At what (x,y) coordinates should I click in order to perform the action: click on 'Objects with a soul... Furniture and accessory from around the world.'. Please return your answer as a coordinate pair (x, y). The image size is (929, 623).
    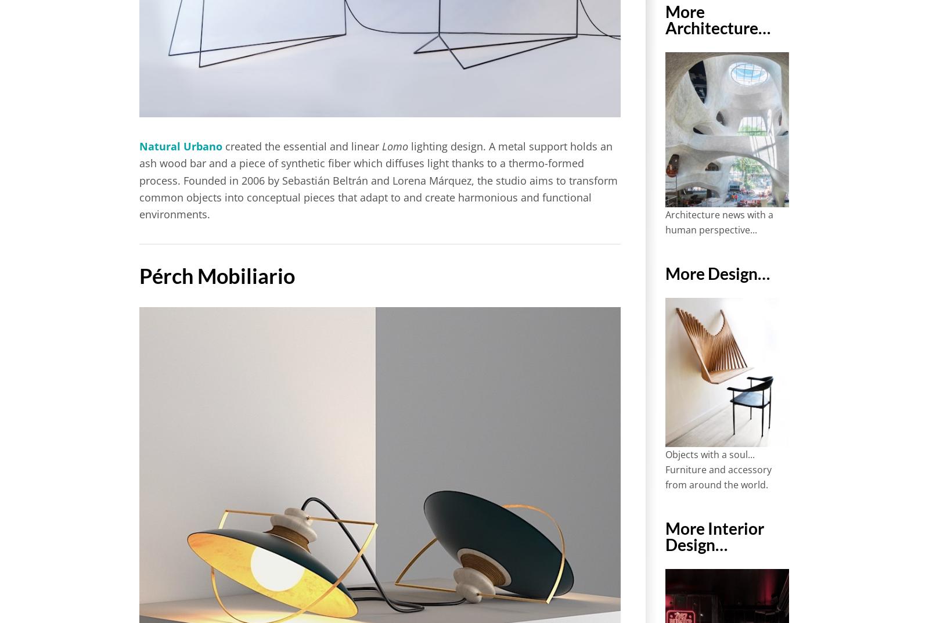
    Looking at the image, I should click on (717, 469).